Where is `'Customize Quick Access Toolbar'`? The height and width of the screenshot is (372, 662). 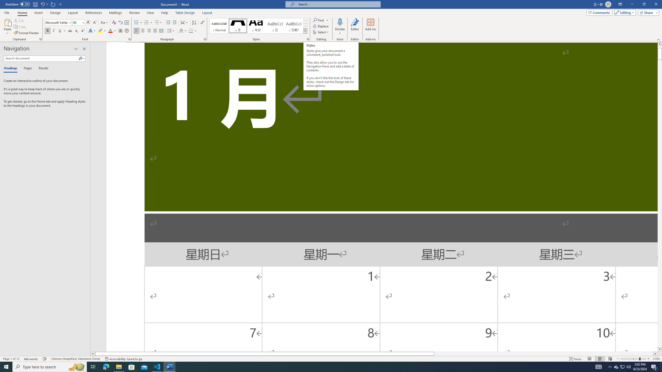
'Customize Quick Access Toolbar' is located at coordinates (60, 4).